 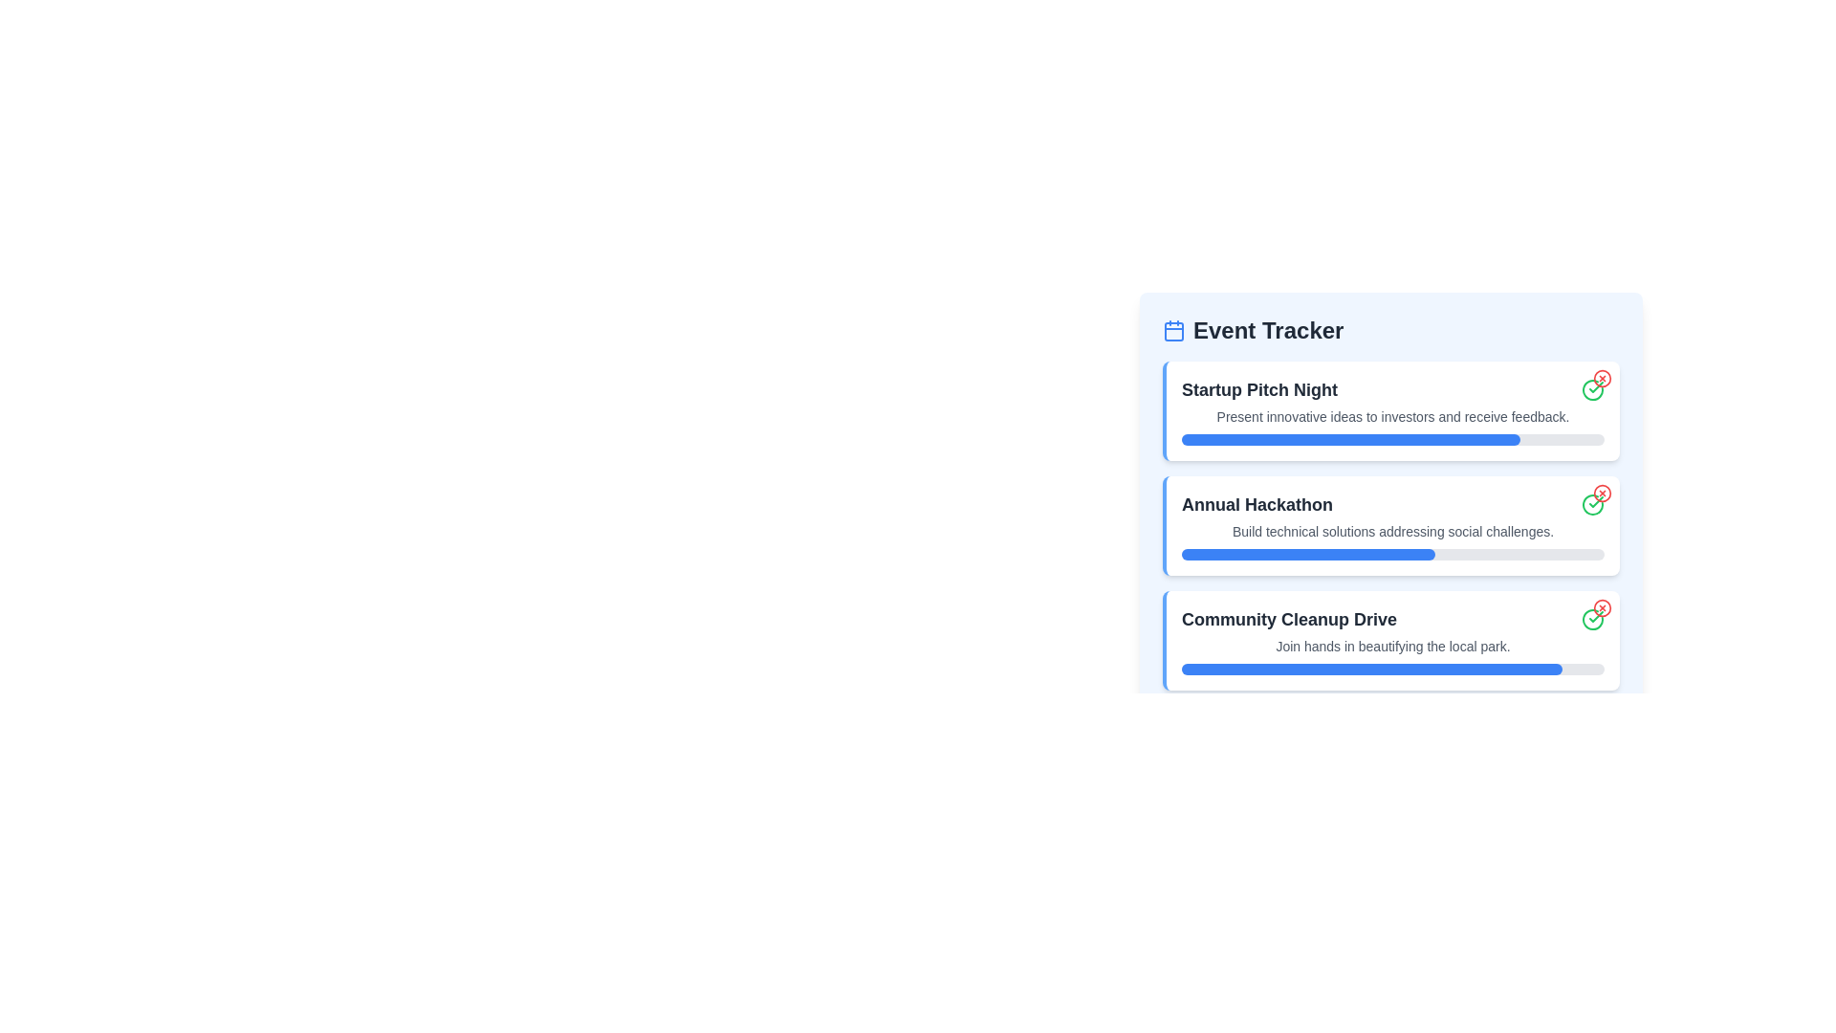 I want to click on the circular icon located in the top-right corner of the 'Startup Pitch Night' section of the 'Event Tracker' interface, which is part of a composite icon with a green checkmark and a red X, so click(x=1602, y=379).